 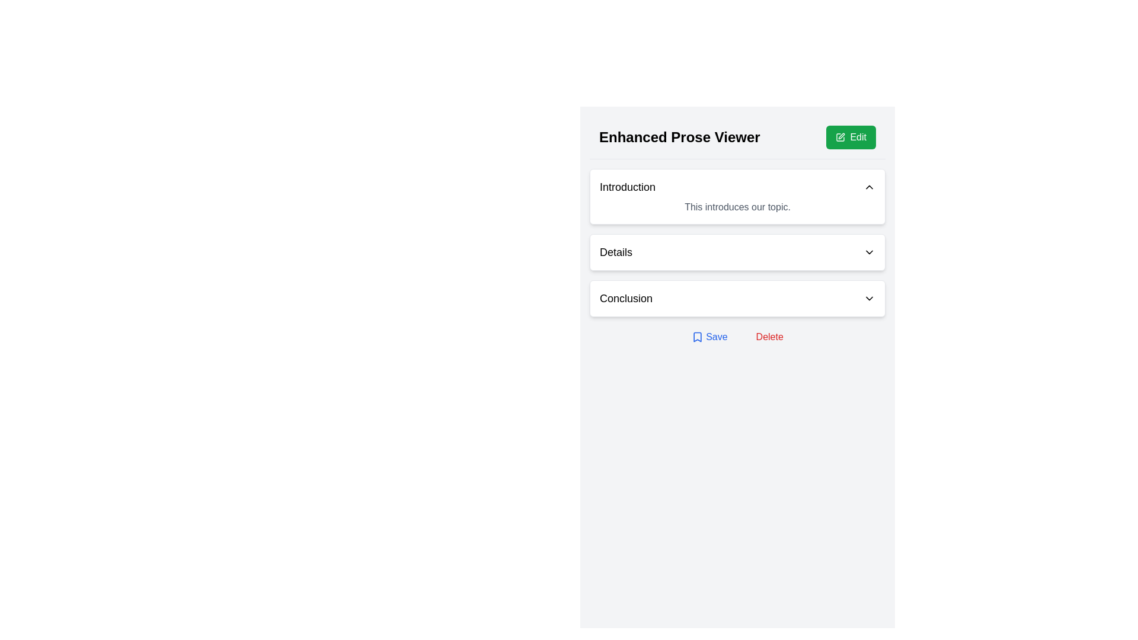 What do you see at coordinates (769, 337) in the screenshot?
I see `the red text button labeled 'Delete' to trigger the underlined hover effect` at bounding box center [769, 337].